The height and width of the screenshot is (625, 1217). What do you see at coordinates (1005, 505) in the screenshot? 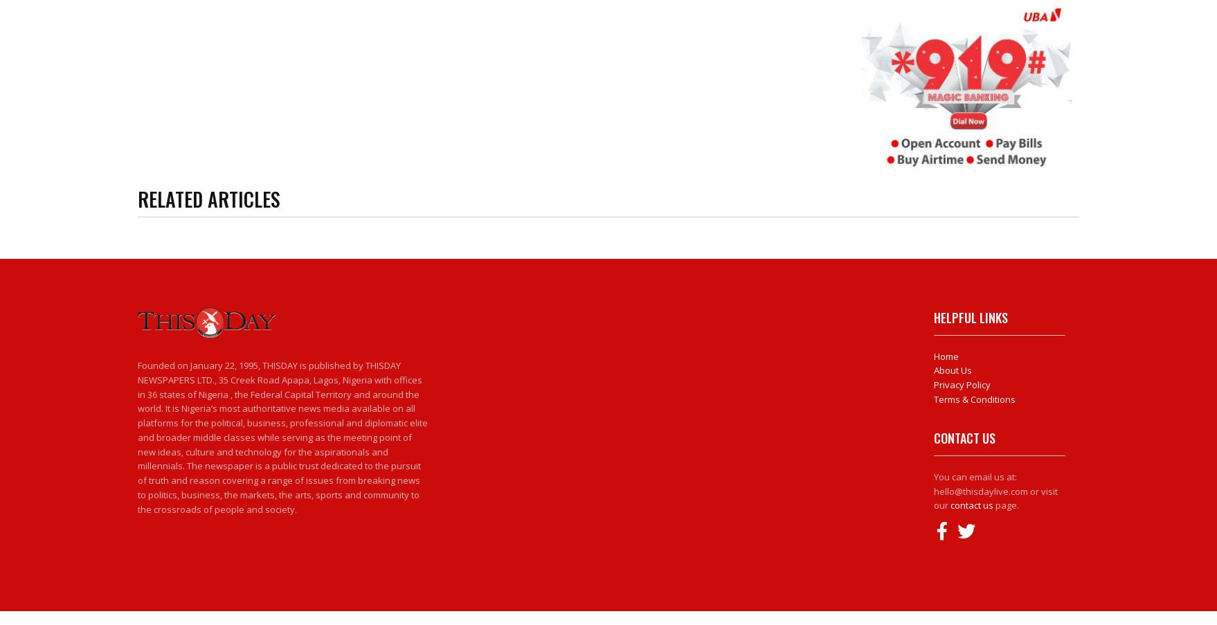
I see `'page.'` at bounding box center [1005, 505].